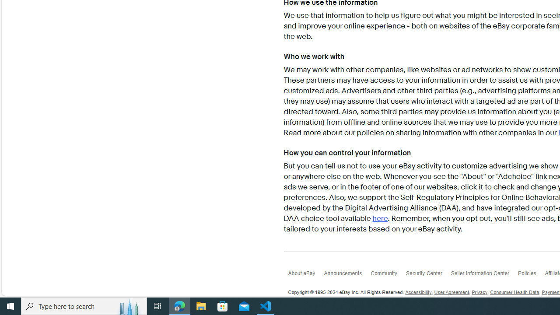  I want to click on 'User Agreement', so click(451, 293).